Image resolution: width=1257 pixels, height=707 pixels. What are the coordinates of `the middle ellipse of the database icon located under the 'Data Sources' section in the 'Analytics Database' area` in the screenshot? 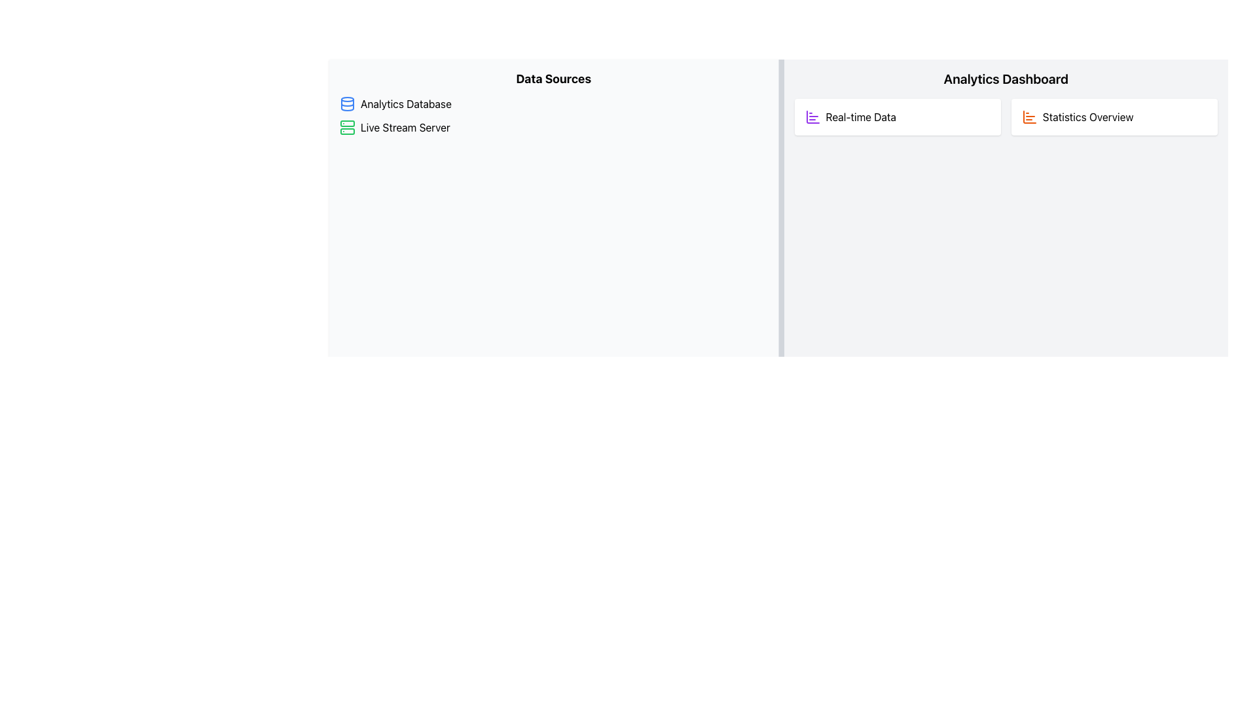 It's located at (348, 103).